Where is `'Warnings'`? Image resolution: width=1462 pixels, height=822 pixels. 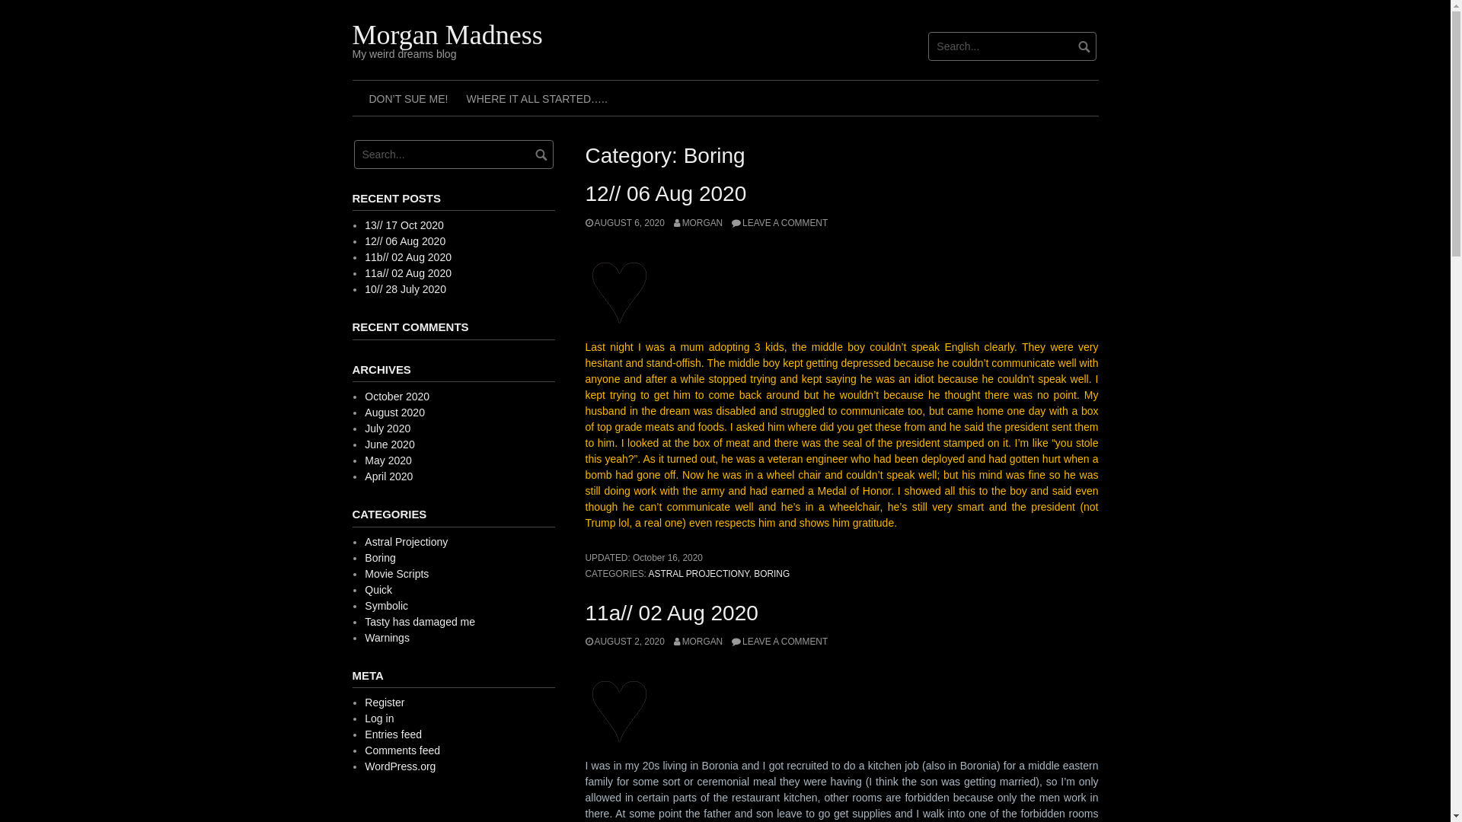 'Warnings' is located at coordinates (387, 637).